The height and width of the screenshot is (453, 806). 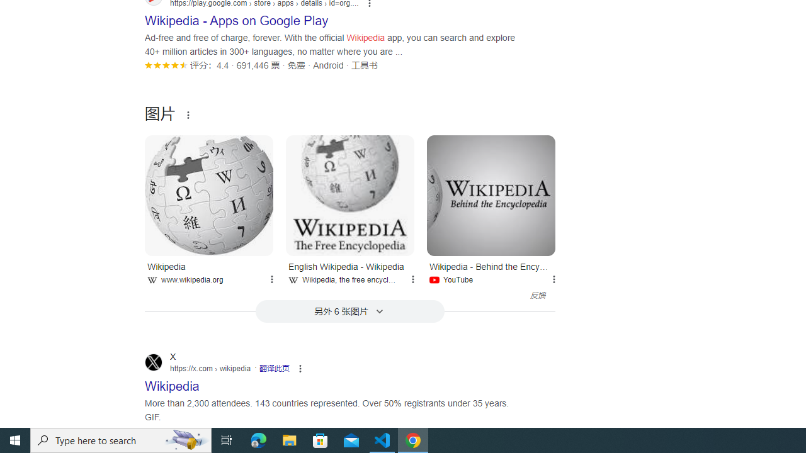 What do you see at coordinates (491, 195) in the screenshot?
I see `'Wikipedia - Behind the Encyclopedia'` at bounding box center [491, 195].